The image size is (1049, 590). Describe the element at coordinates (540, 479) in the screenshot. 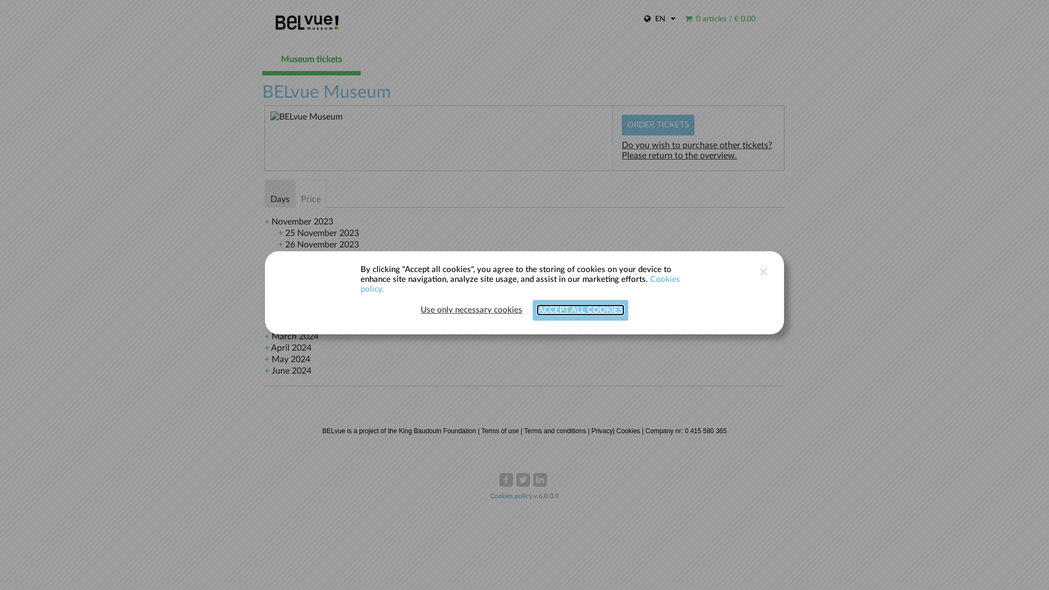

I see `'Follow us on LinkedIn'` at that location.